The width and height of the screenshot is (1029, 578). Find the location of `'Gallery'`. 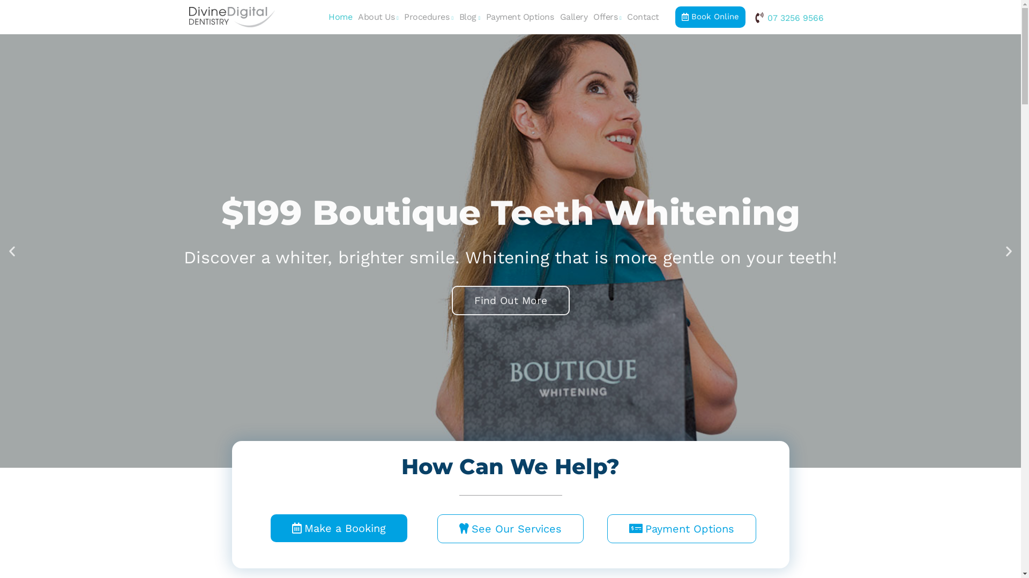

'Gallery' is located at coordinates (556, 17).